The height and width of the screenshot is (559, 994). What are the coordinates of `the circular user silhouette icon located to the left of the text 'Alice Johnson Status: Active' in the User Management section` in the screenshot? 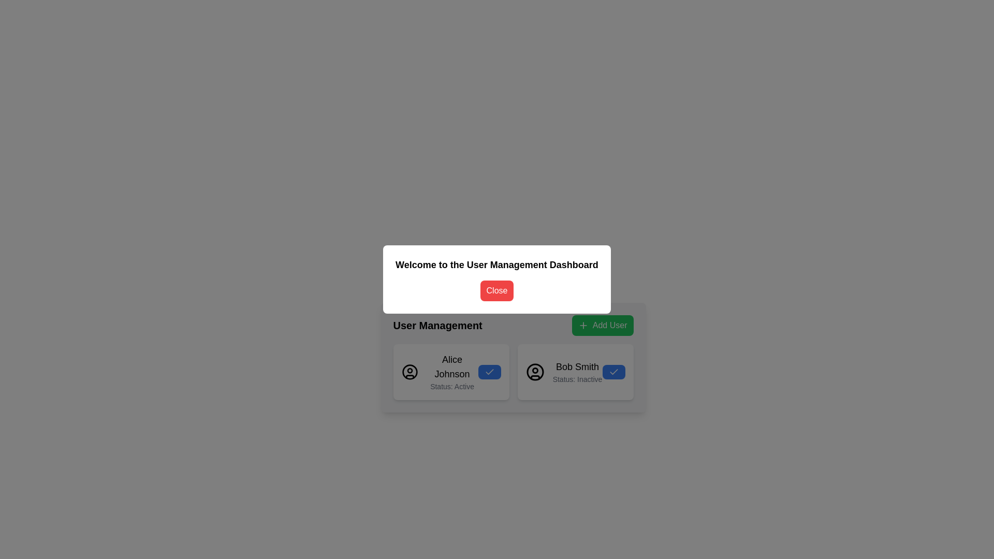 It's located at (409, 371).